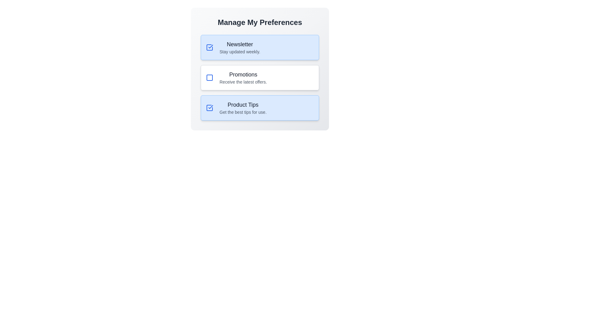  I want to click on the static text label that provides additional context for the 'Newsletter' subscription option, located directly below the 'Newsletter' label, so click(239, 51).